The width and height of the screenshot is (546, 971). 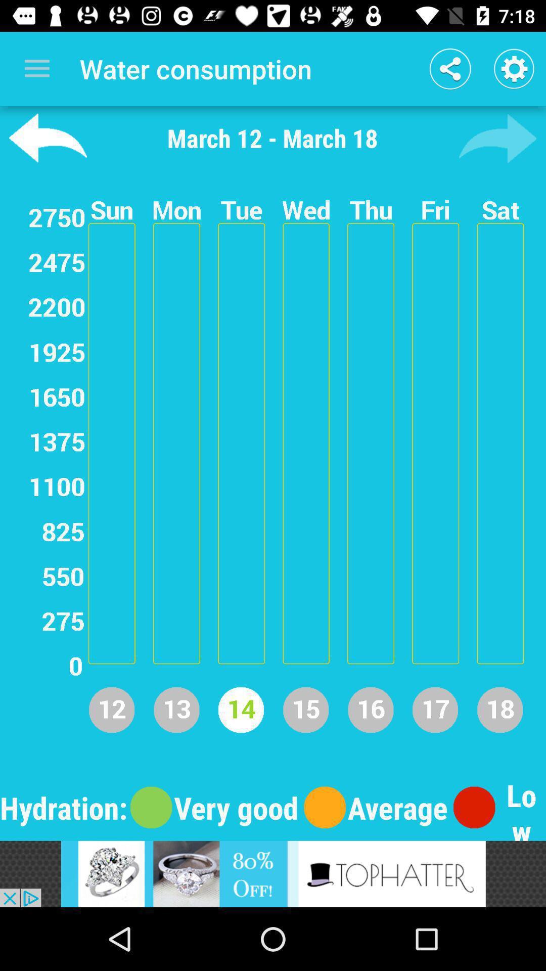 What do you see at coordinates (497, 138) in the screenshot?
I see `back option` at bounding box center [497, 138].